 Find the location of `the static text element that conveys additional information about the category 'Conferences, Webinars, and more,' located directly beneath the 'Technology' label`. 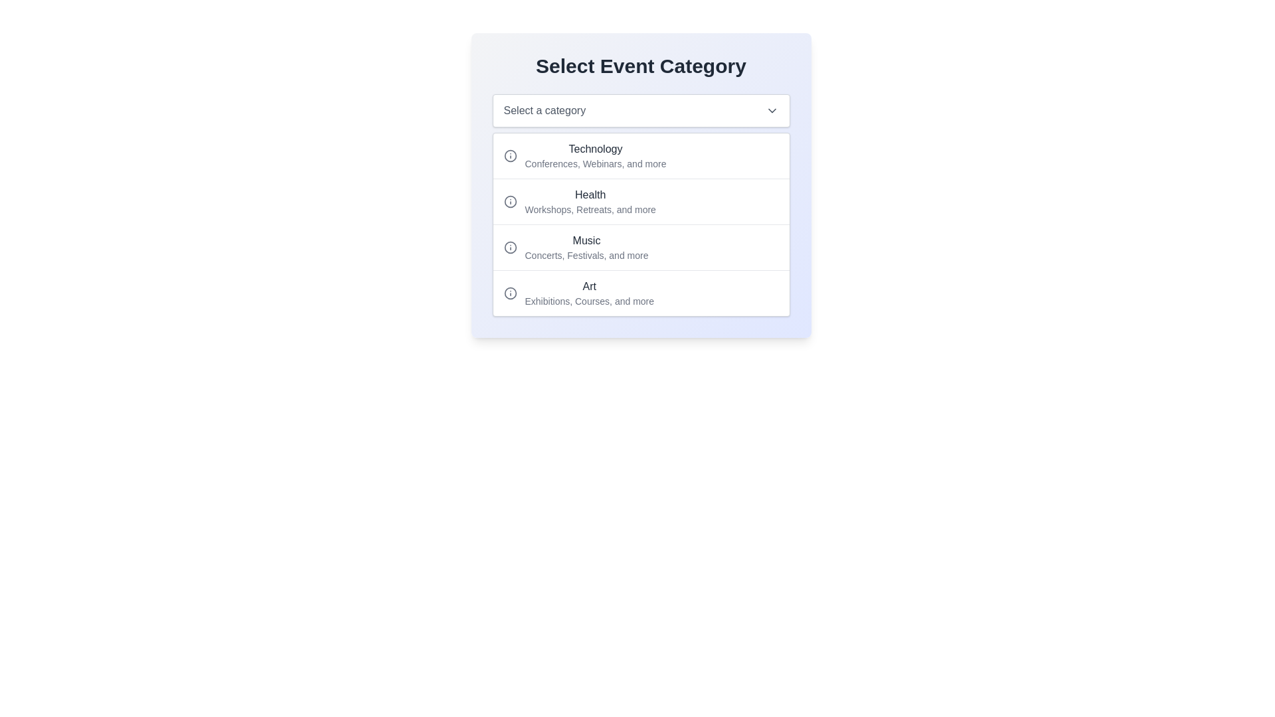

the static text element that conveys additional information about the category 'Conferences, Webinars, and more,' located directly beneath the 'Technology' label is located at coordinates (595, 163).